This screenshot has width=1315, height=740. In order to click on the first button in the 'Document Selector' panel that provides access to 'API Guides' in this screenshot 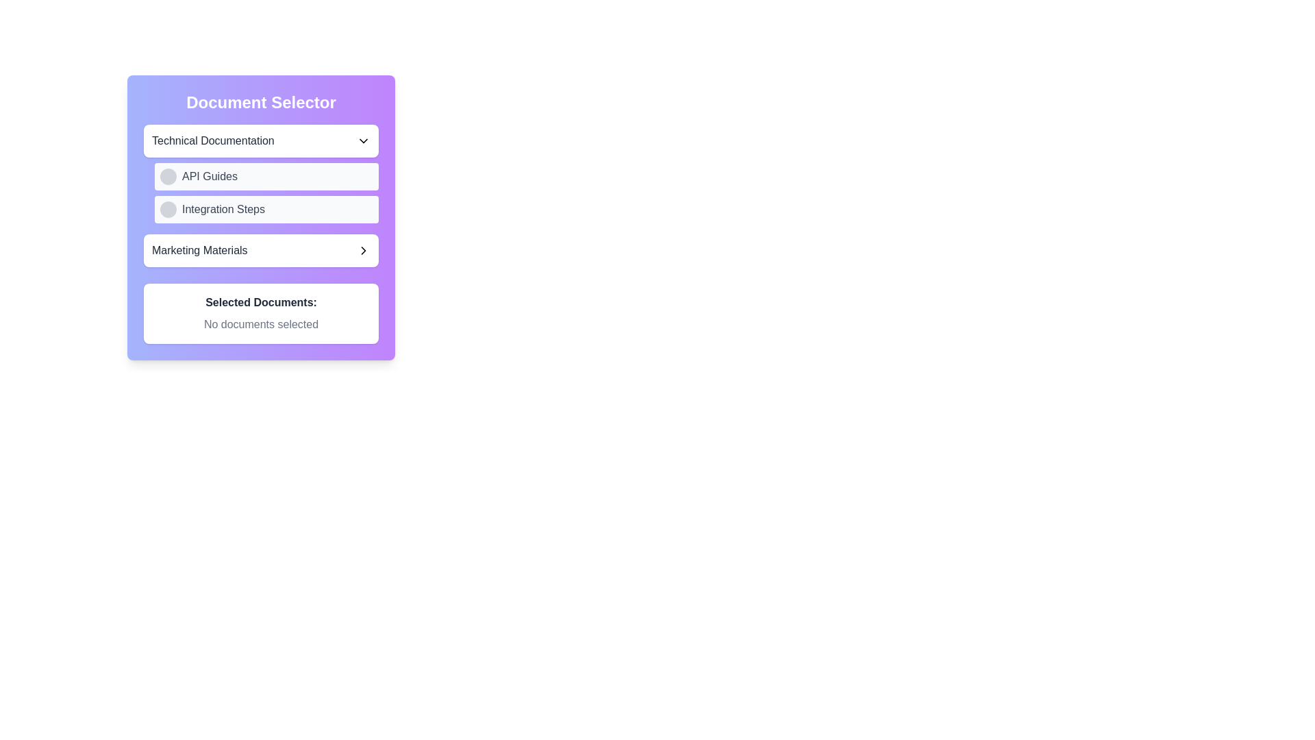, I will do `click(266, 176)`.